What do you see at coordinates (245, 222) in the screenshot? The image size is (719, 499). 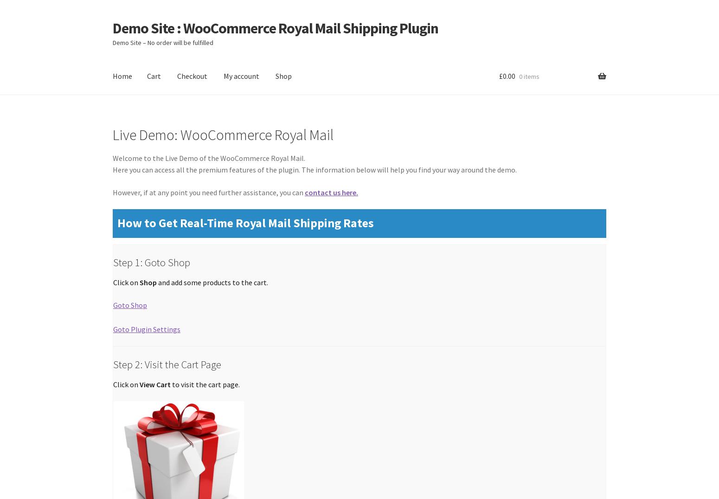 I see `'How to Get Real-Time Royal Mail Shipping Rates'` at bounding box center [245, 222].